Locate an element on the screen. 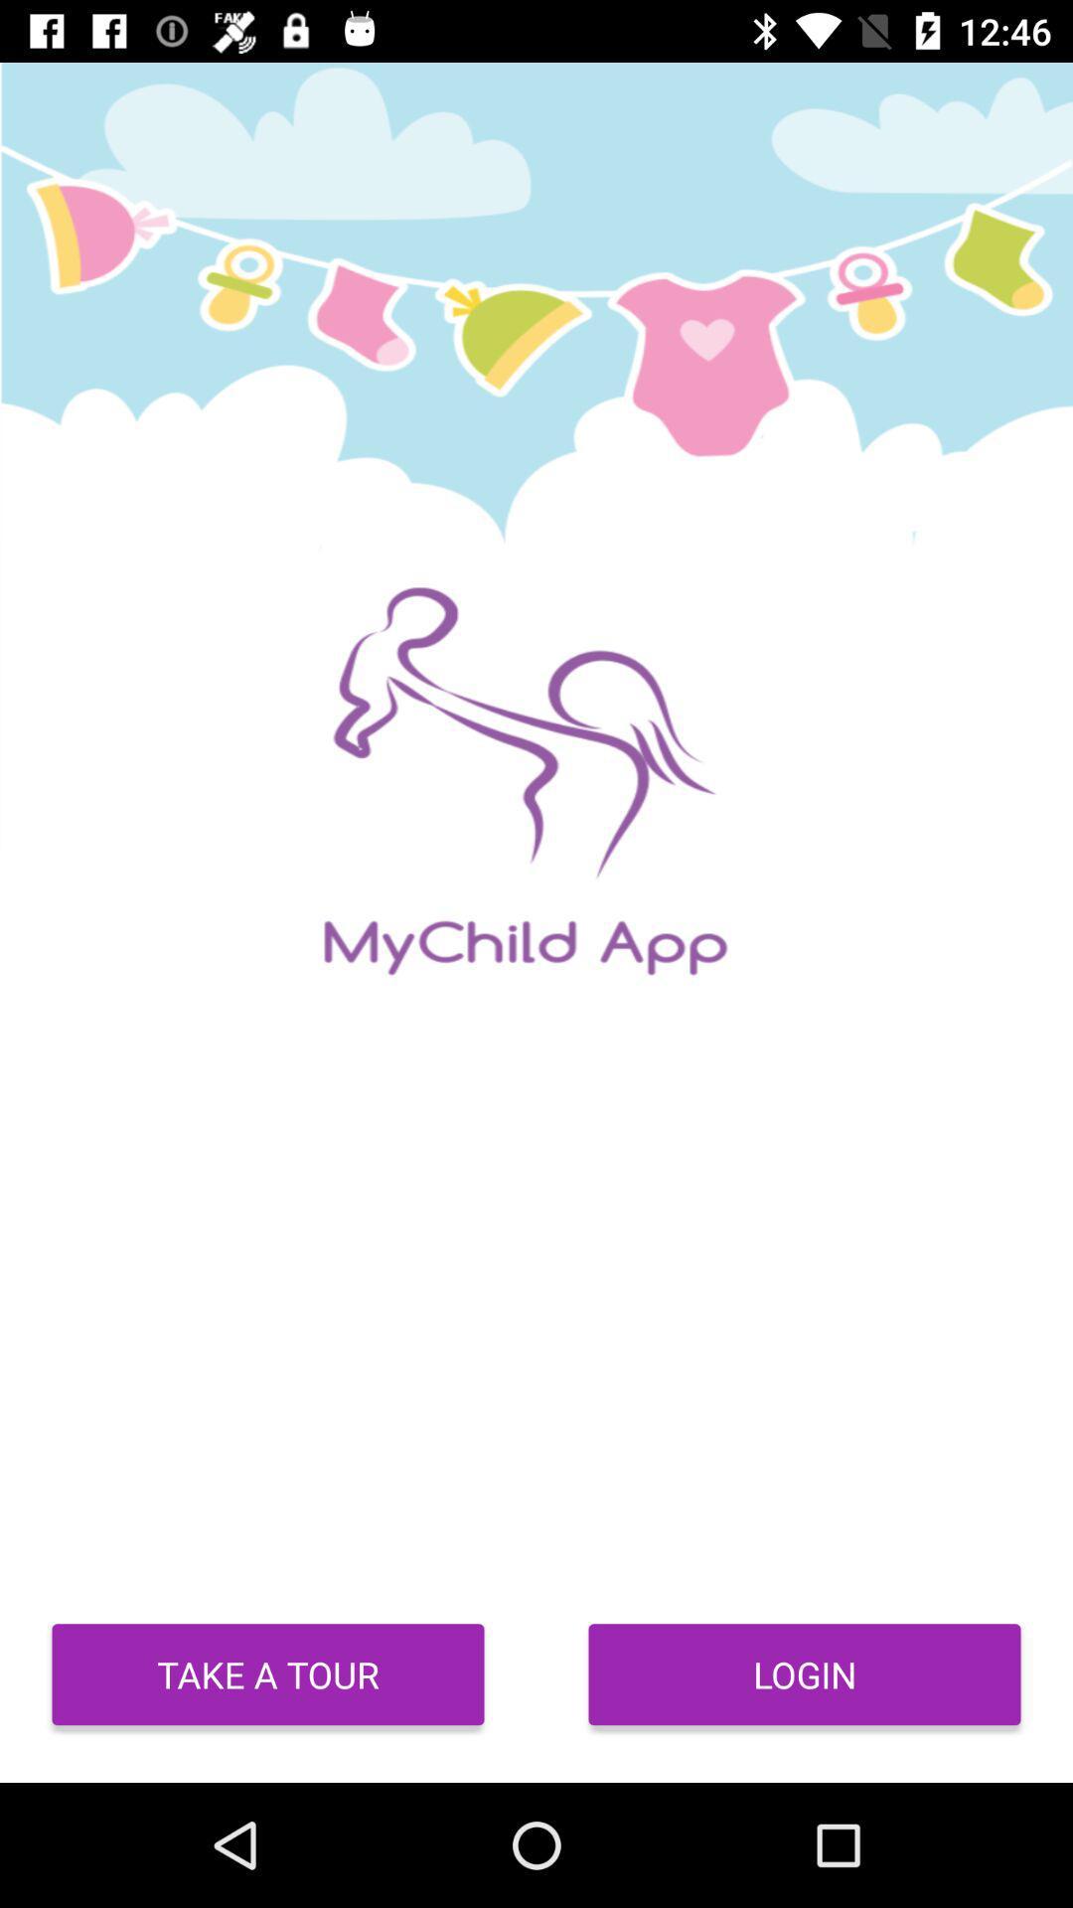 The image size is (1073, 1908). the icon next to the take a tour icon is located at coordinates (805, 1673).